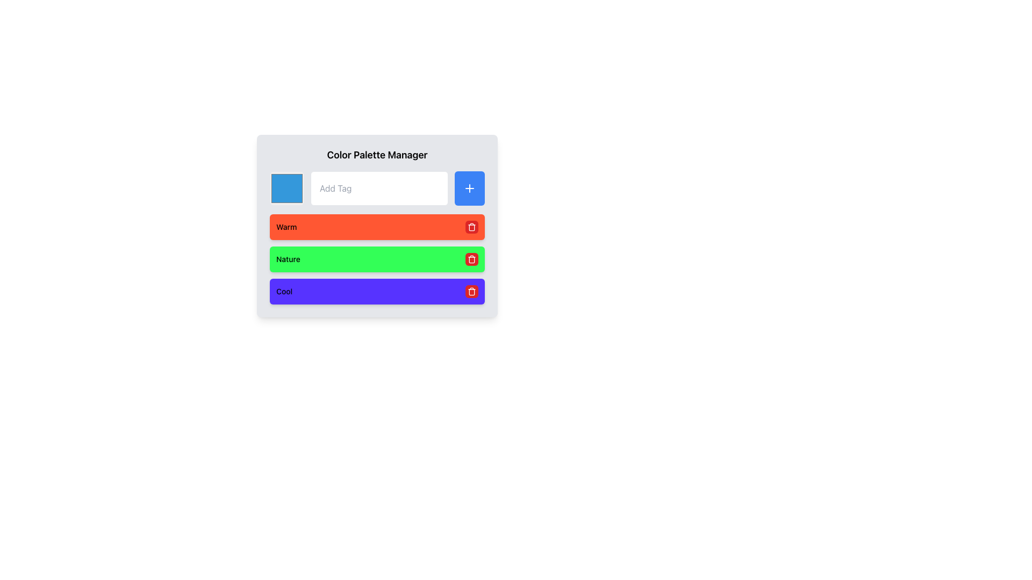 This screenshot has height=580, width=1032. I want to click on the red trash bin icon with white outlines on the right side of the 'Nature' green bar, so click(472, 227).